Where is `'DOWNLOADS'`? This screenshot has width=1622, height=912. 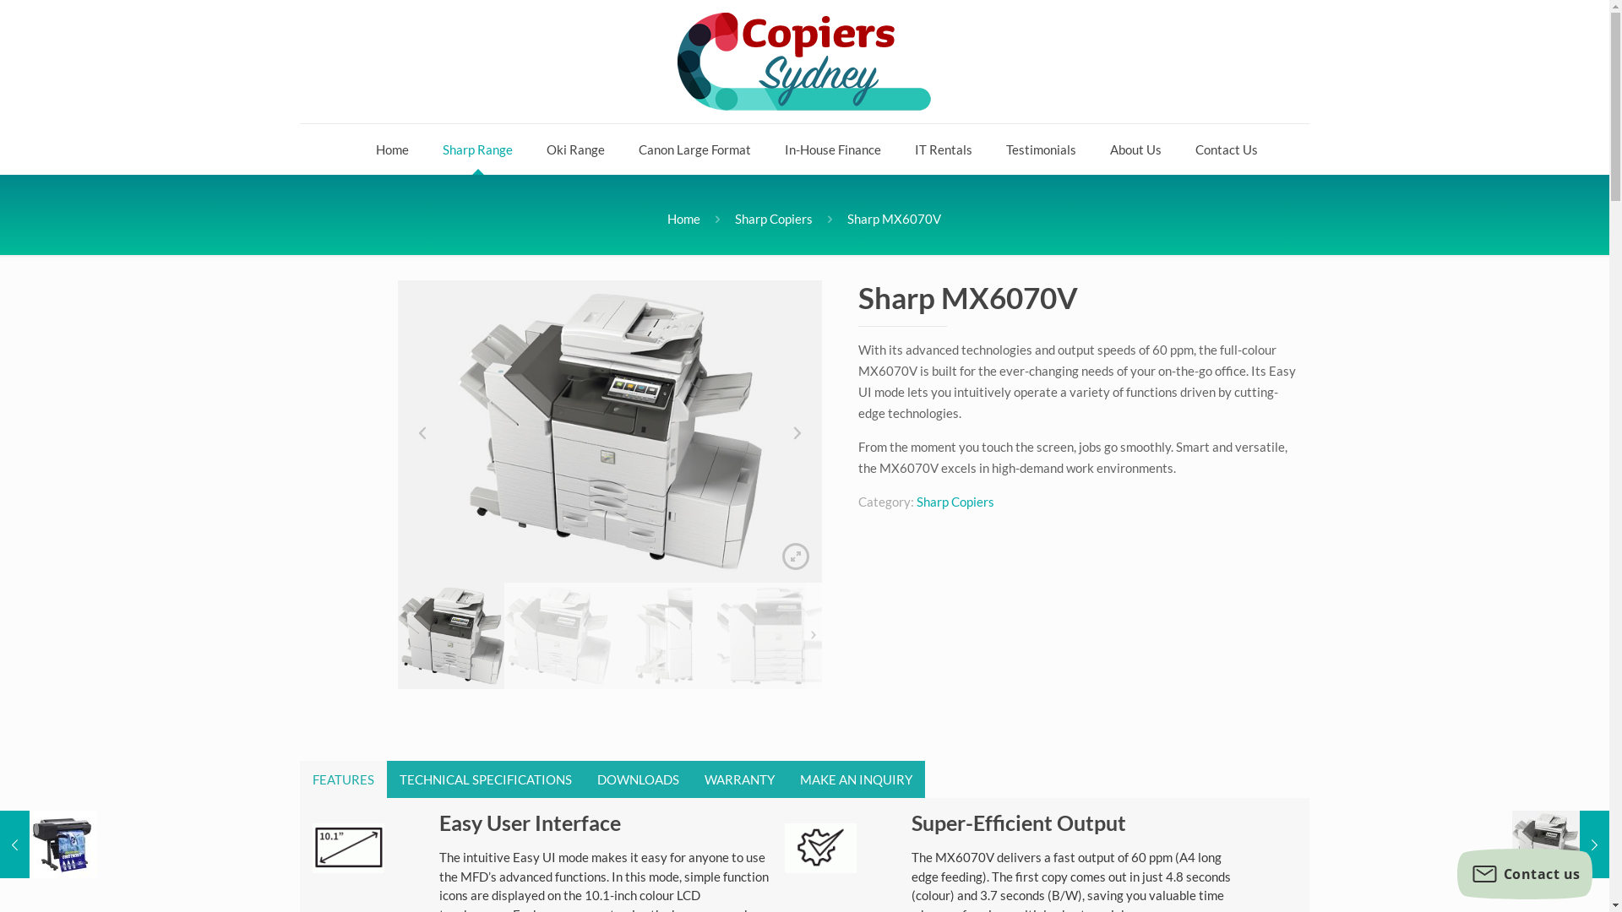 'DOWNLOADS' is located at coordinates (584, 779).